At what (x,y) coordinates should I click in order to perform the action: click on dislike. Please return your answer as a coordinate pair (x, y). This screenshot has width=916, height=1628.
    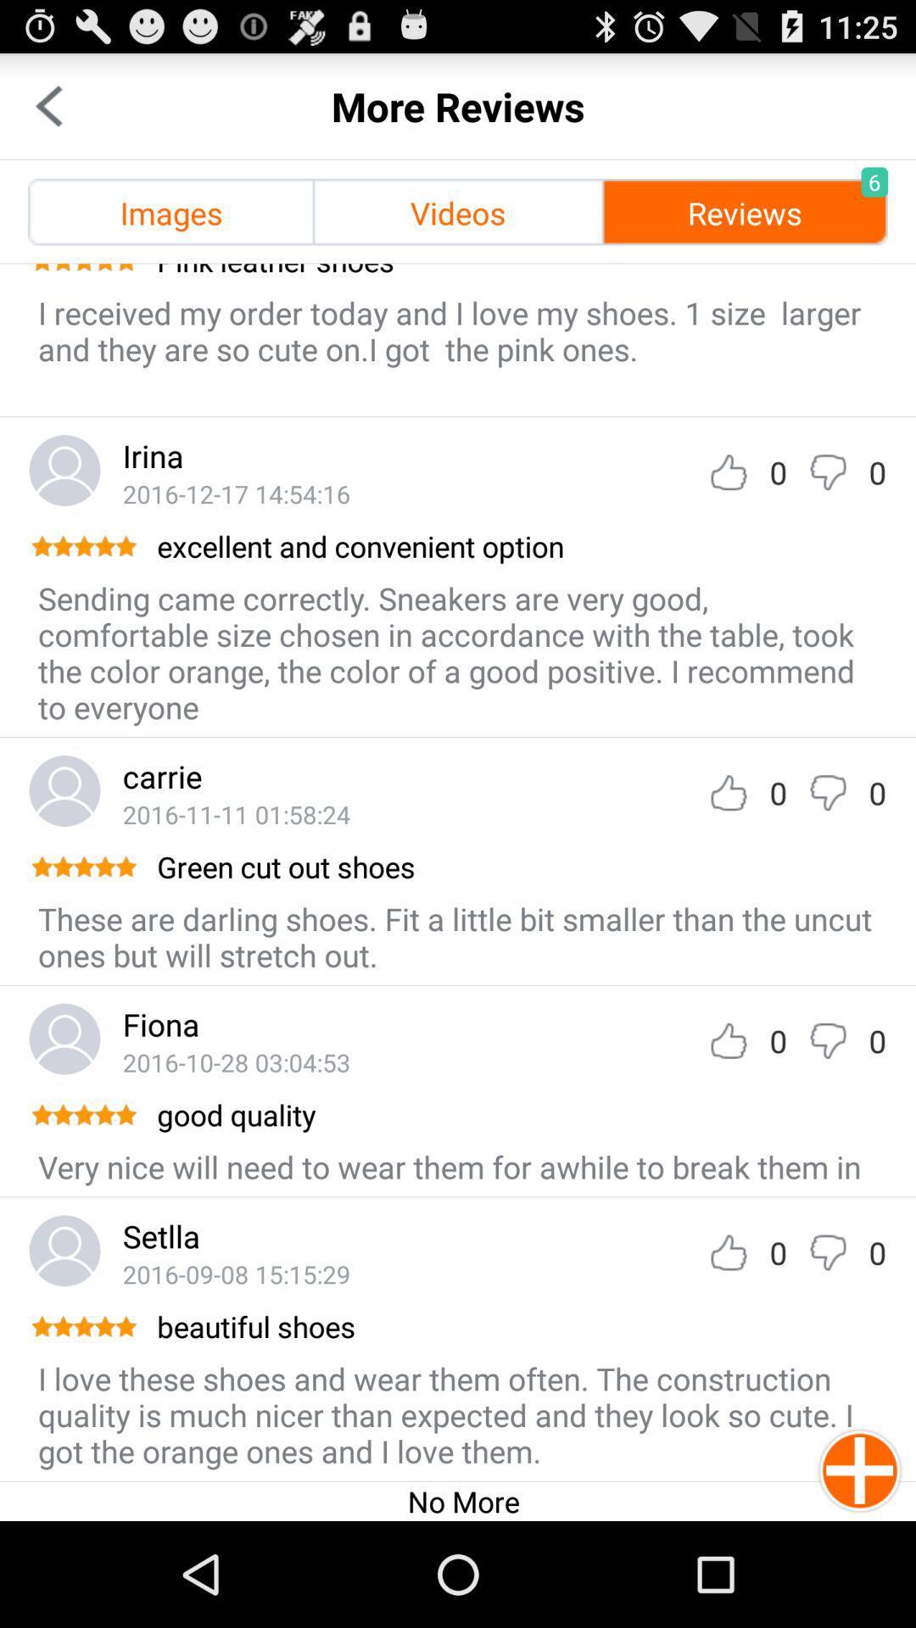
    Looking at the image, I should click on (827, 1252).